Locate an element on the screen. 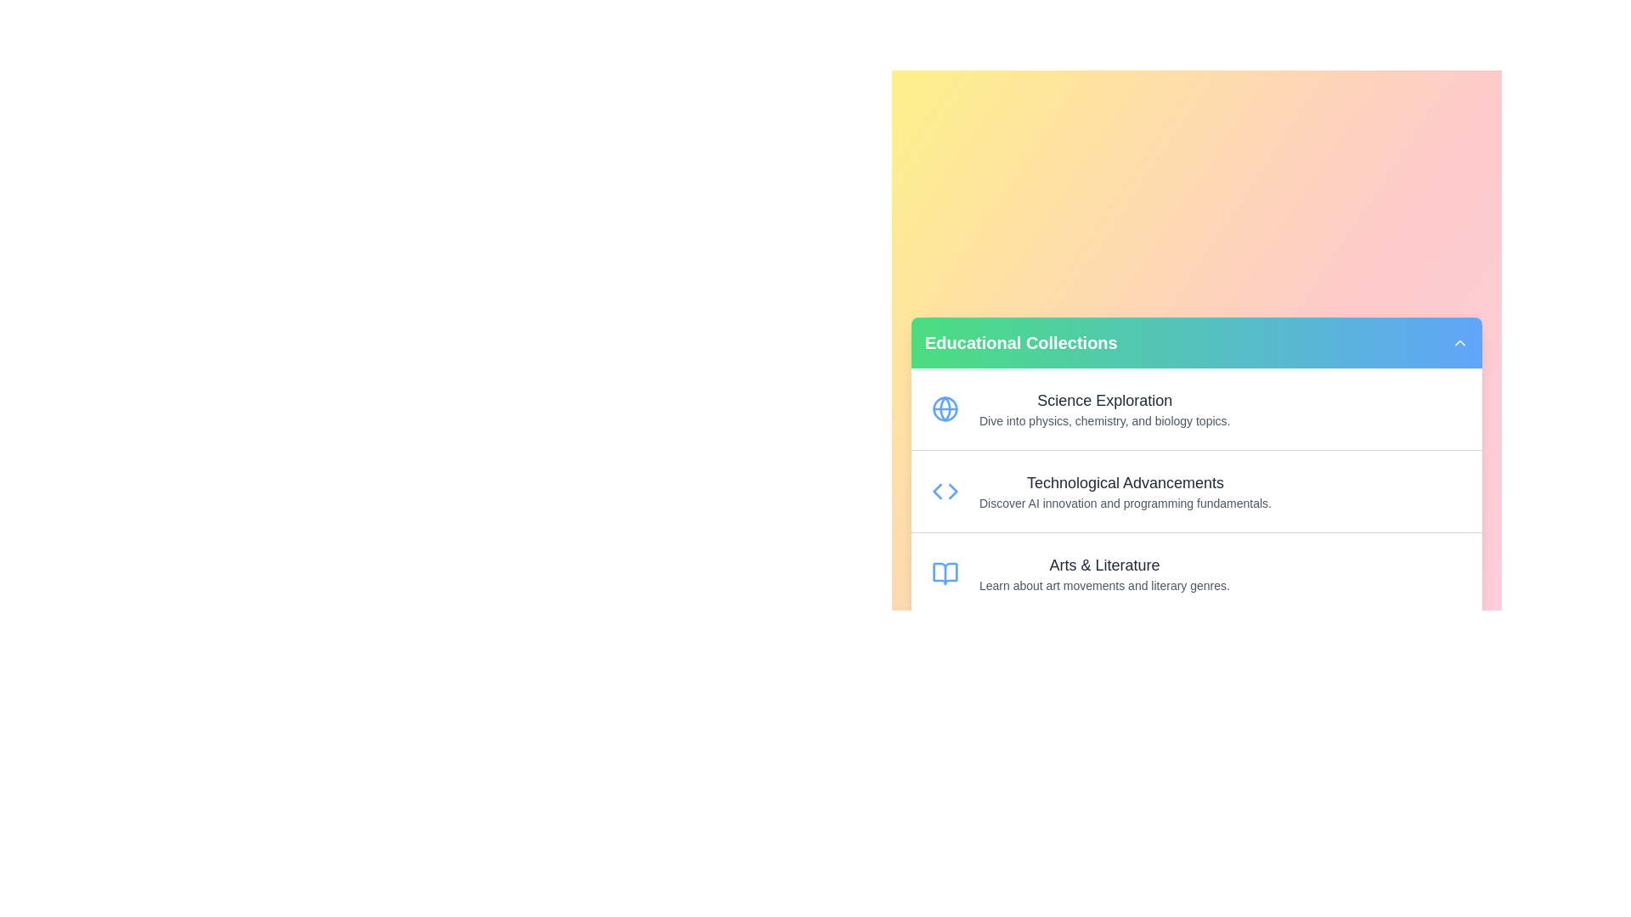  the item labeled 'Arts & Literature' in the list to observe visual feedback is located at coordinates (1196, 573).